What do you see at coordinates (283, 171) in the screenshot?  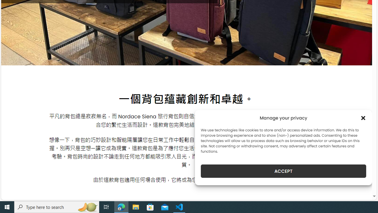 I see `'ACCEPT'` at bounding box center [283, 171].